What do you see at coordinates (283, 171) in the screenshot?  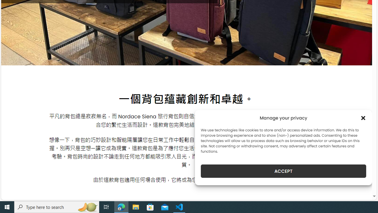 I see `'ACCEPT'` at bounding box center [283, 171].